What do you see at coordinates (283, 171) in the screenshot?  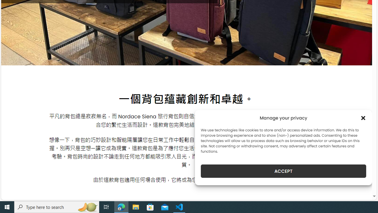 I see `'ACCEPT'` at bounding box center [283, 171].